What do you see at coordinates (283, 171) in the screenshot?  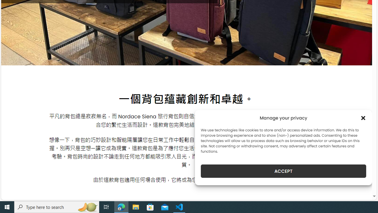 I see `'ACCEPT'` at bounding box center [283, 171].